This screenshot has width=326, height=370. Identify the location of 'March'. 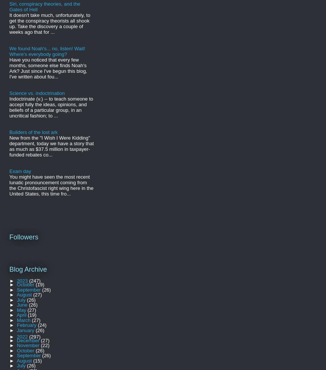
(24, 319).